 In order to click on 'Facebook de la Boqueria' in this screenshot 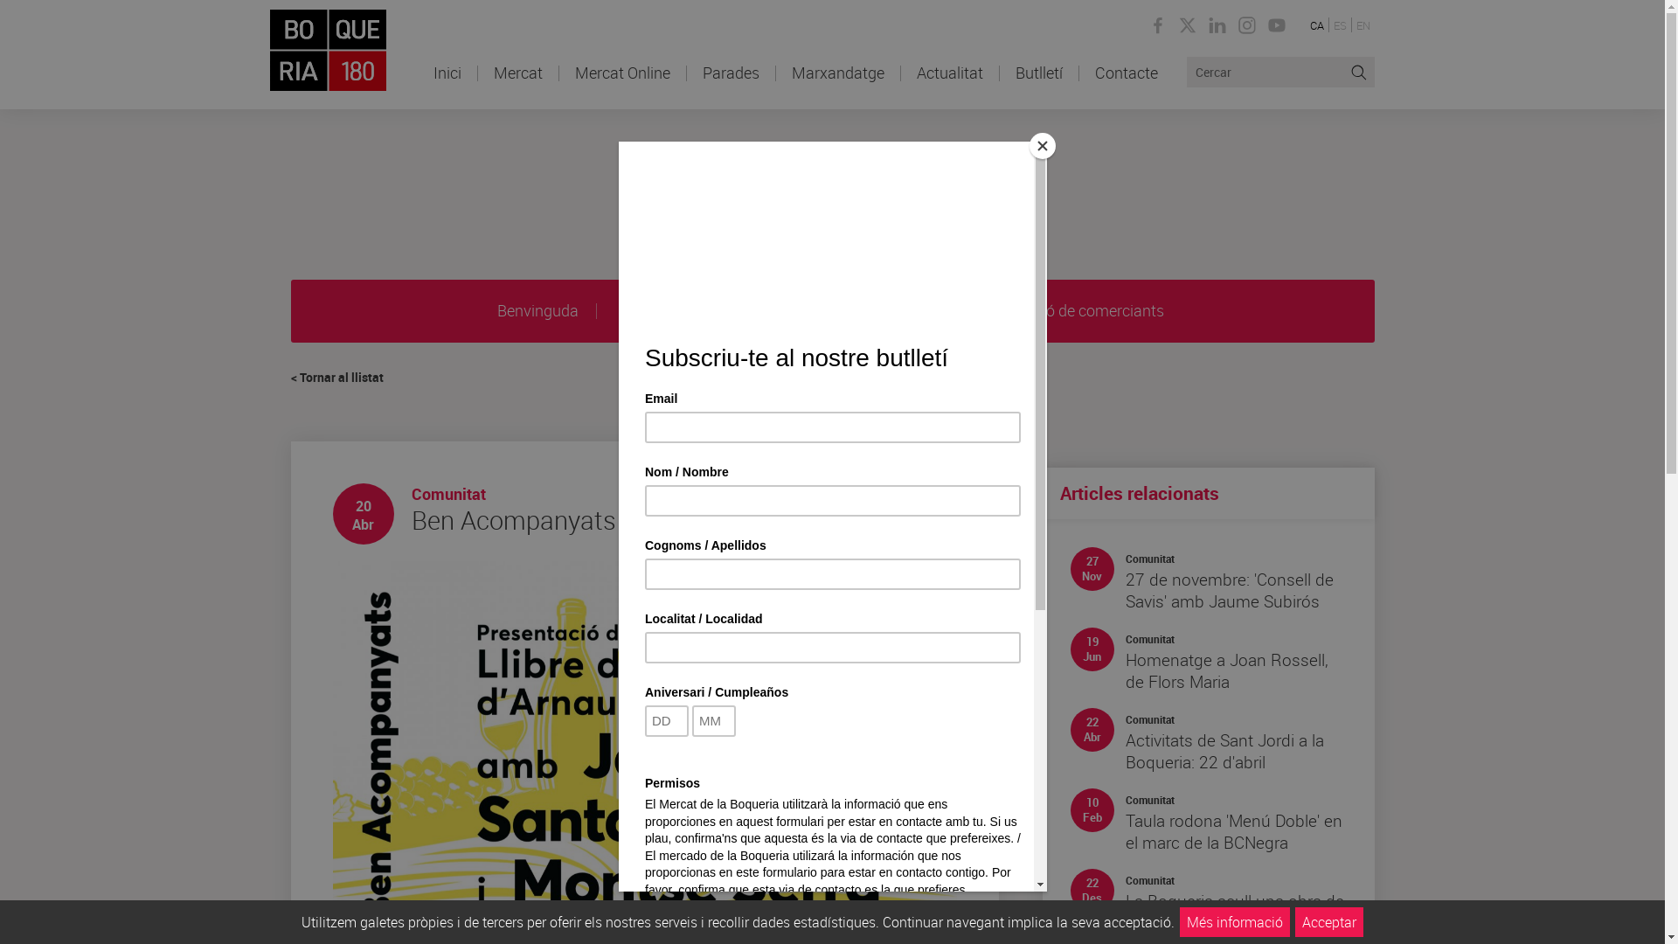, I will do `click(1157, 27)`.